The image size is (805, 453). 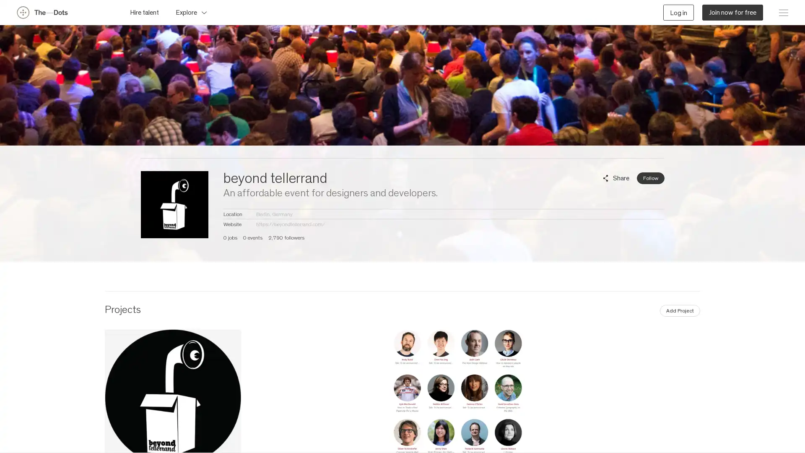 What do you see at coordinates (732, 12) in the screenshot?
I see `Join now for free` at bounding box center [732, 12].